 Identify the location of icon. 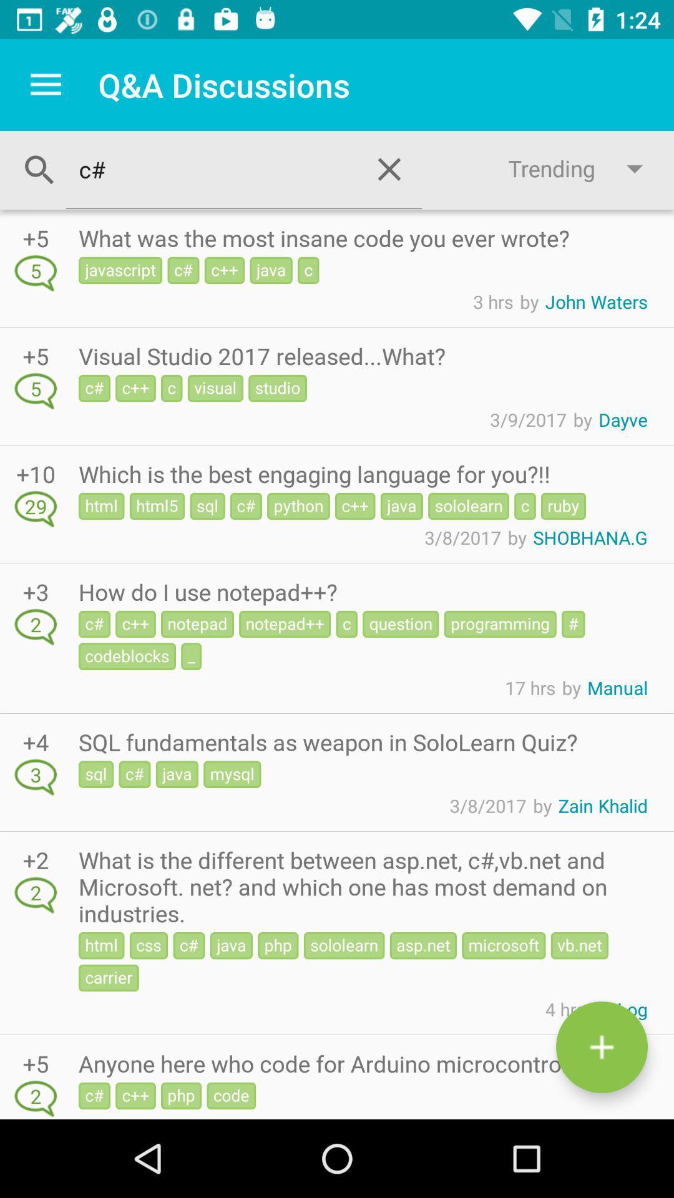
(601, 1047).